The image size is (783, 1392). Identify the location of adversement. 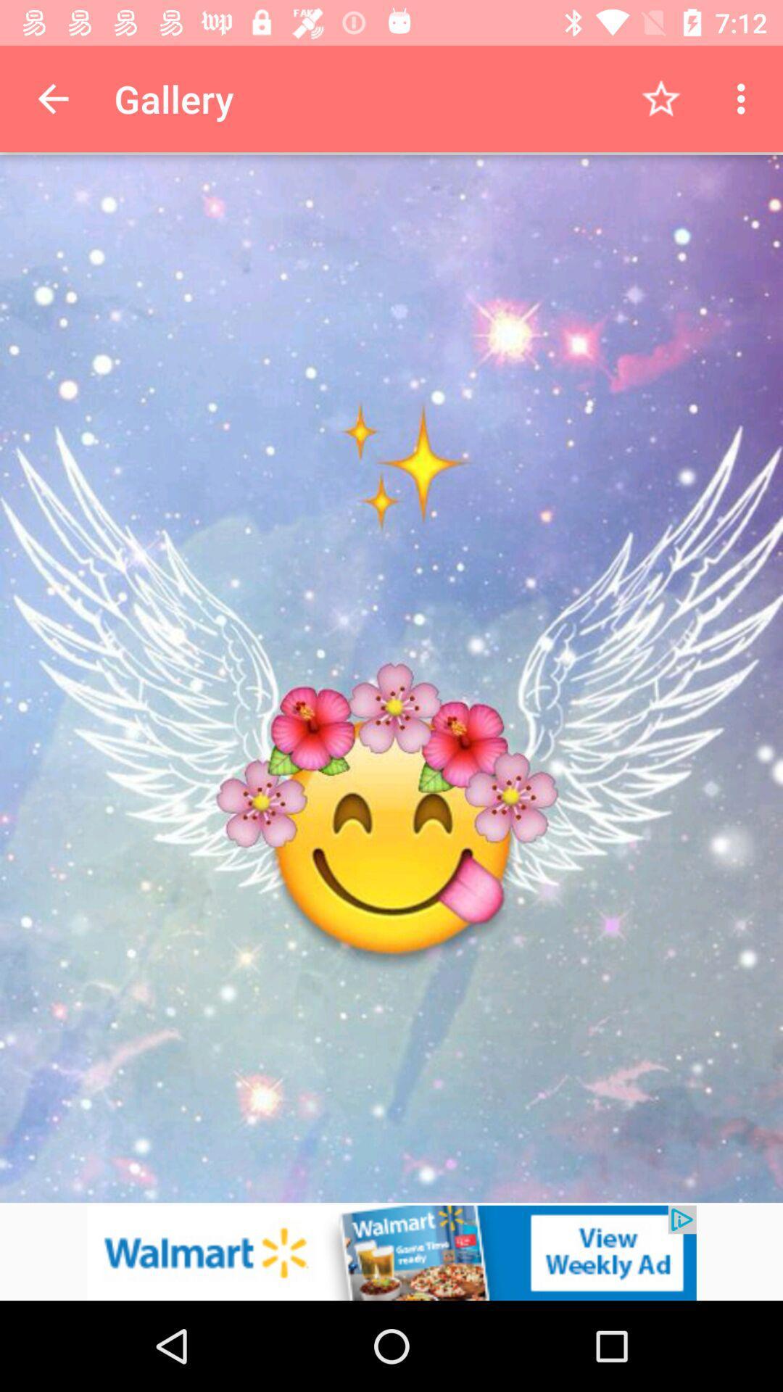
(391, 1252).